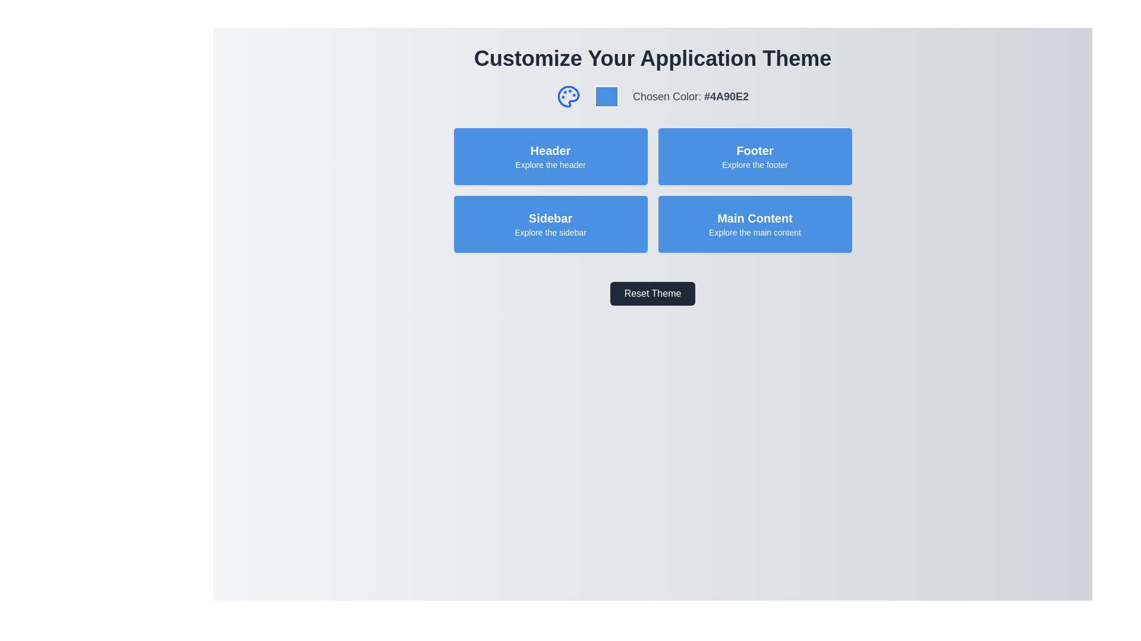 This screenshot has width=1141, height=641. Describe the element at coordinates (754, 156) in the screenshot. I see `the 'Footer' card located in the grid layout as the second card in the top row, positioned to the right of the 'Header' card` at that location.